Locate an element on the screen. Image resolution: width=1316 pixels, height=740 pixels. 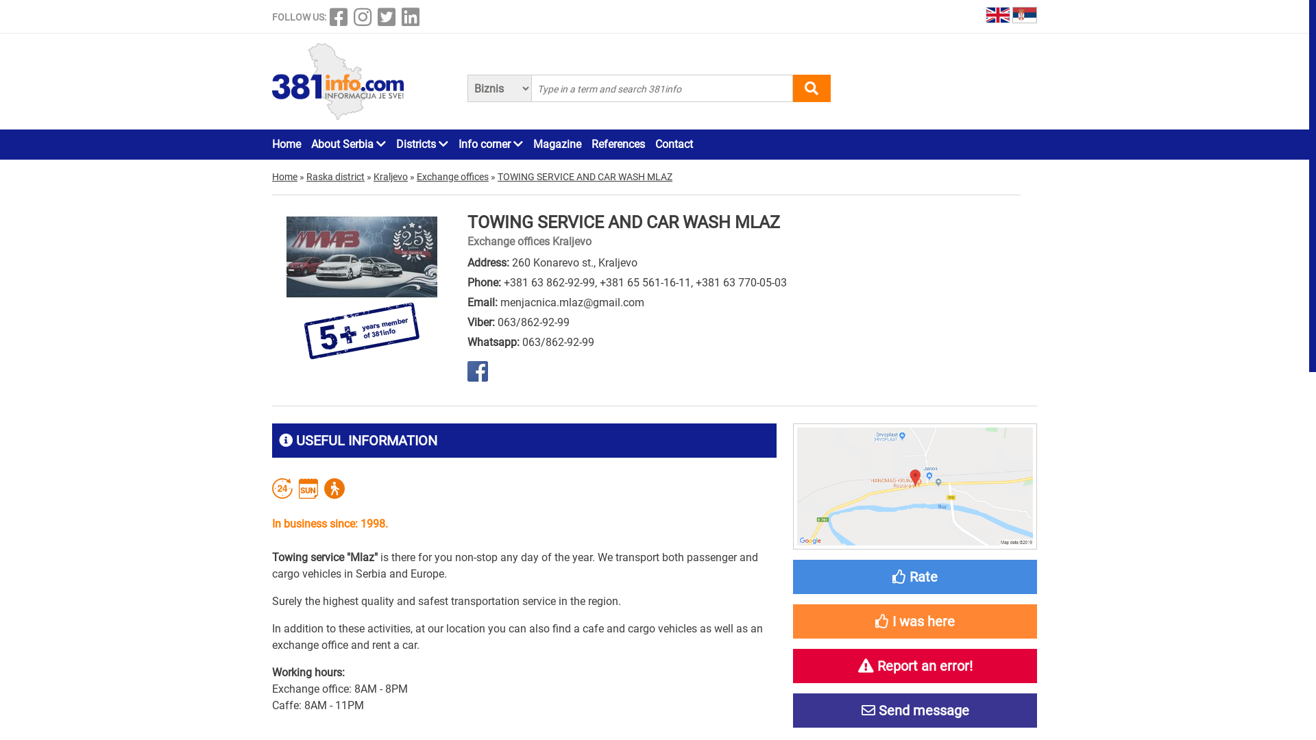
'+381 63 862-92-99' is located at coordinates (549, 282).